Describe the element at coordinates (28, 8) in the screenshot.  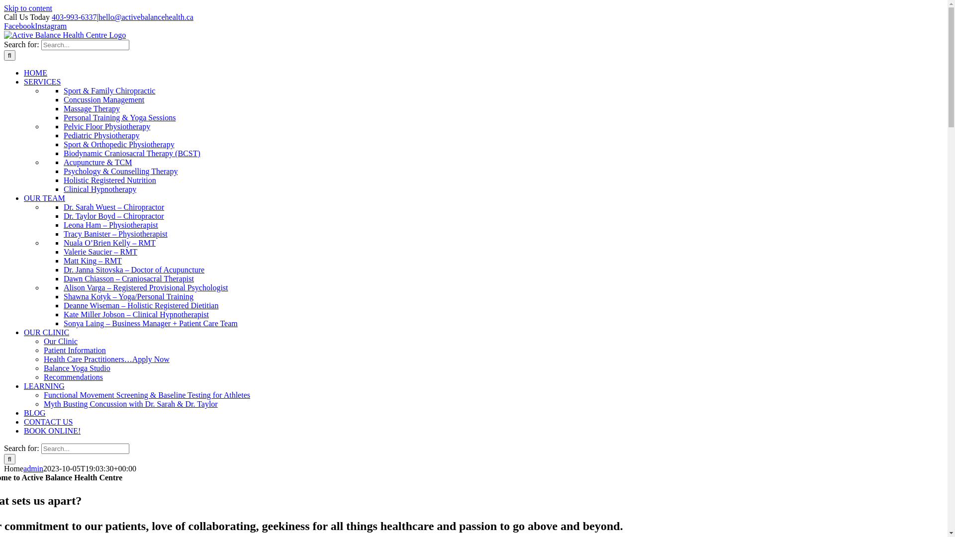
I see `'Skip to content'` at that location.